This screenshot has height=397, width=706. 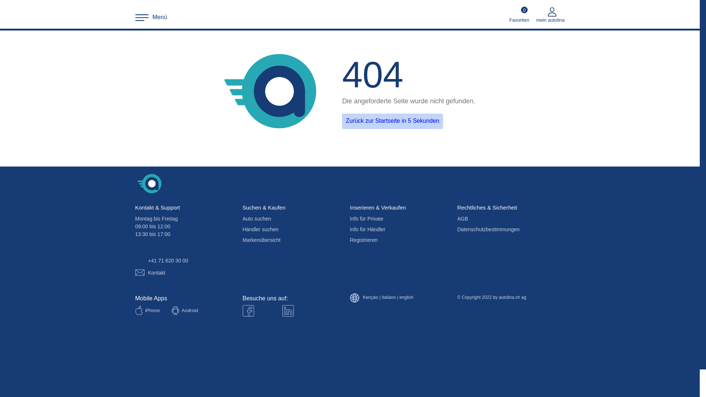 What do you see at coordinates (133, 310) in the screenshot?
I see `'iPhone'` at bounding box center [133, 310].